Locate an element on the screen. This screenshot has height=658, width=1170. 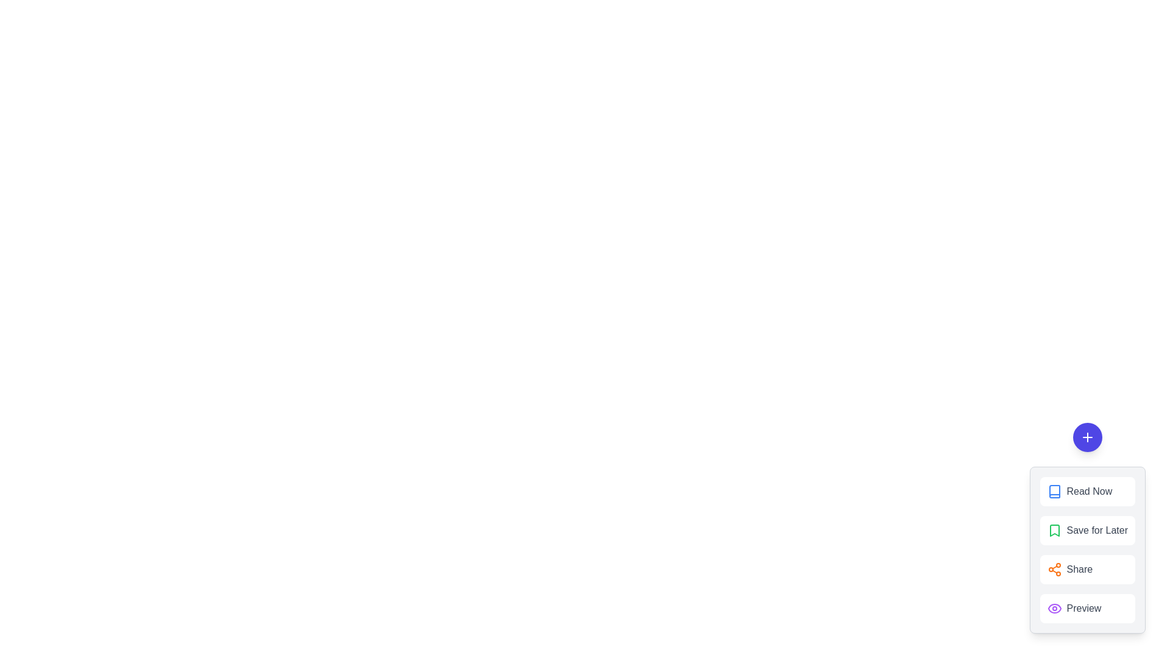
the 'Preview' button to select the 'Preview' action is located at coordinates (1087, 609).